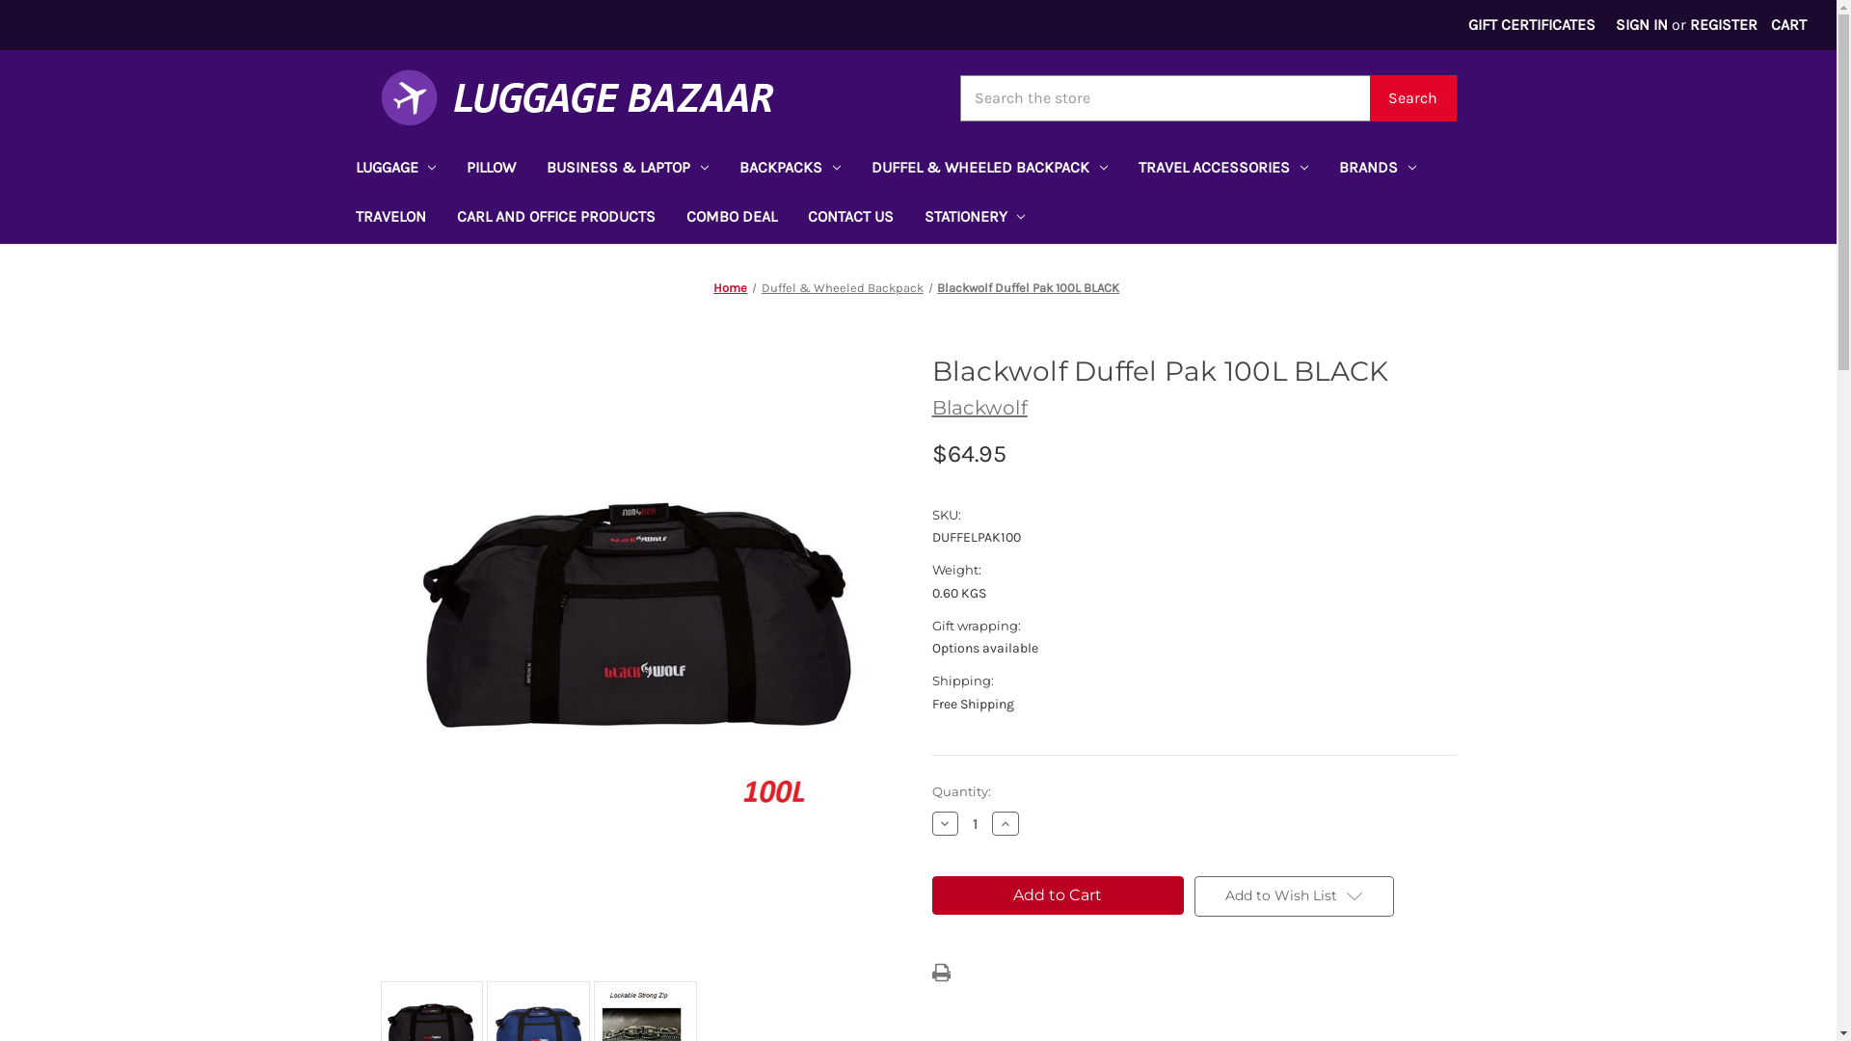 This screenshot has height=1041, width=1851. Describe the element at coordinates (790, 169) in the screenshot. I see `'BACKPACKS'` at that location.